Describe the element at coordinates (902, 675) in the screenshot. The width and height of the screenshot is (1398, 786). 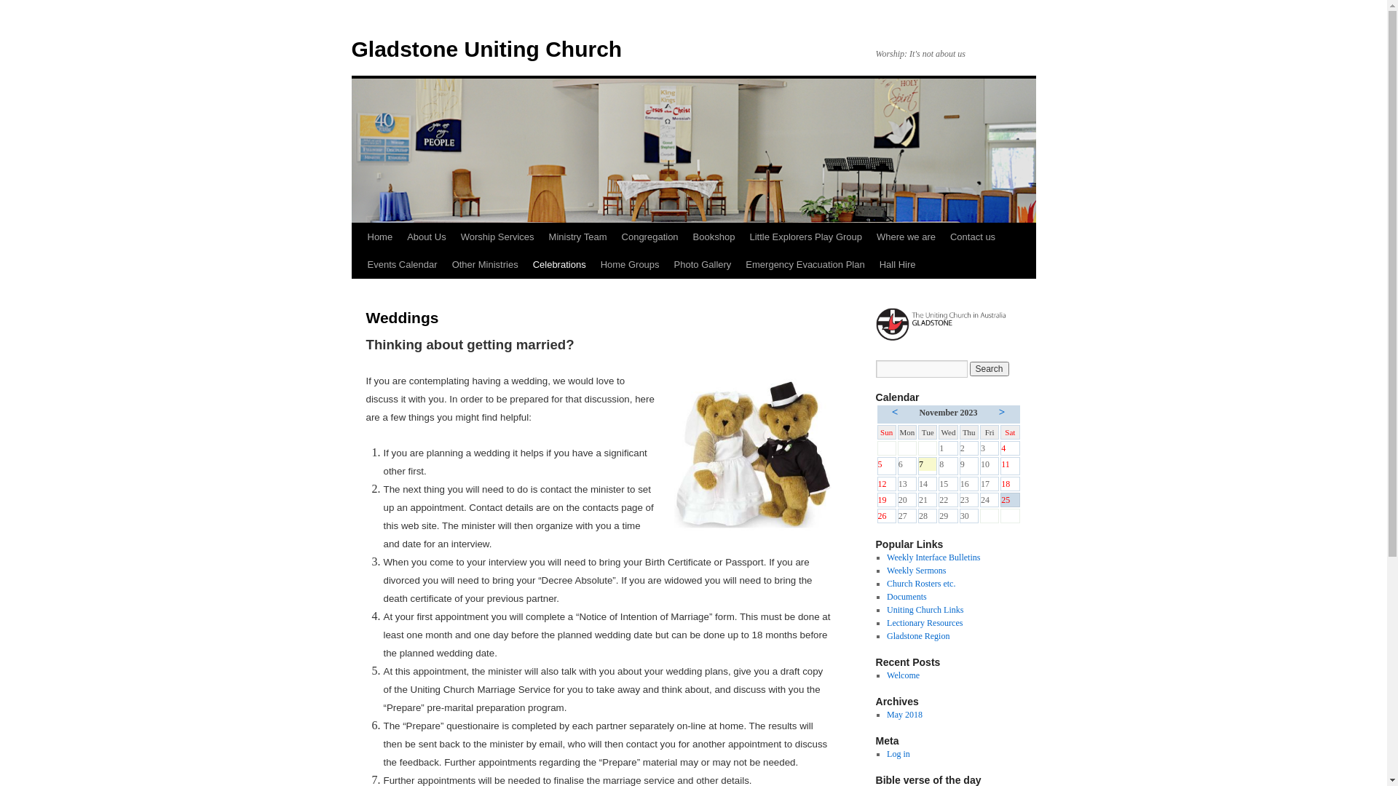
I see `'Welcome'` at that location.